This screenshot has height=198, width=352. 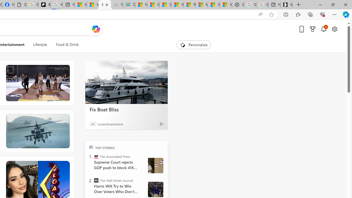 What do you see at coordinates (286, 5) in the screenshot?
I see `'Microsoft Start Gaming'` at bounding box center [286, 5].